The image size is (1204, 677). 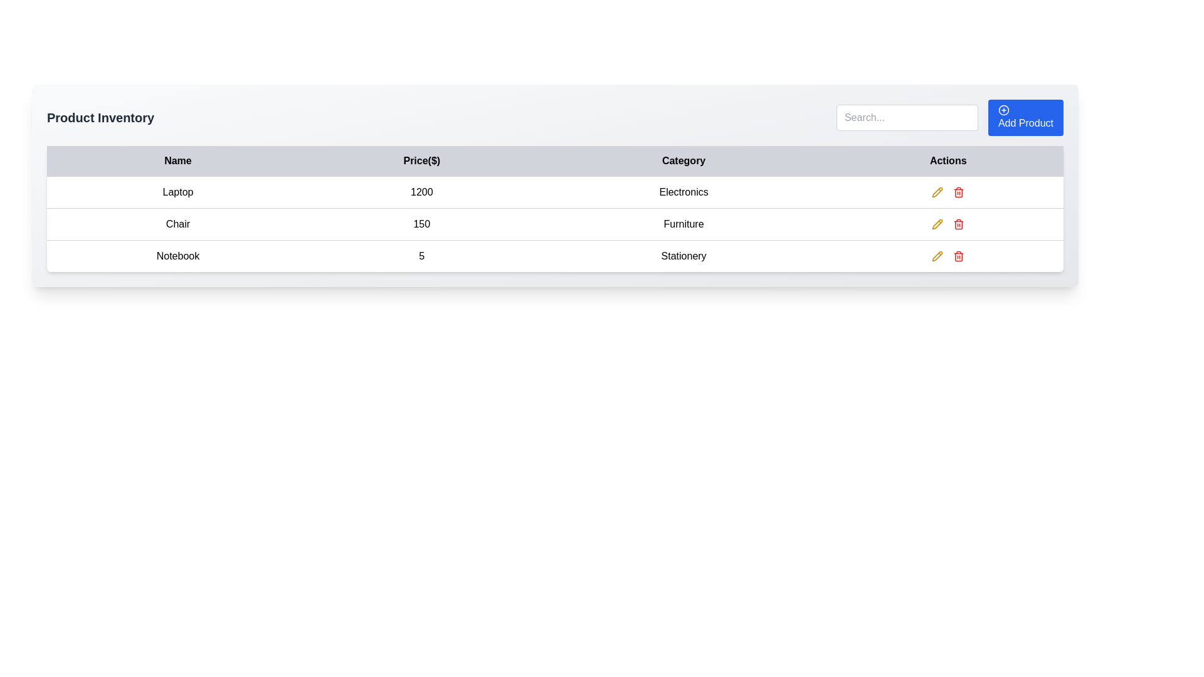 What do you see at coordinates (958, 192) in the screenshot?
I see `the delete icon button located in the third column under the 'Actions' header in the first row of the table` at bounding box center [958, 192].